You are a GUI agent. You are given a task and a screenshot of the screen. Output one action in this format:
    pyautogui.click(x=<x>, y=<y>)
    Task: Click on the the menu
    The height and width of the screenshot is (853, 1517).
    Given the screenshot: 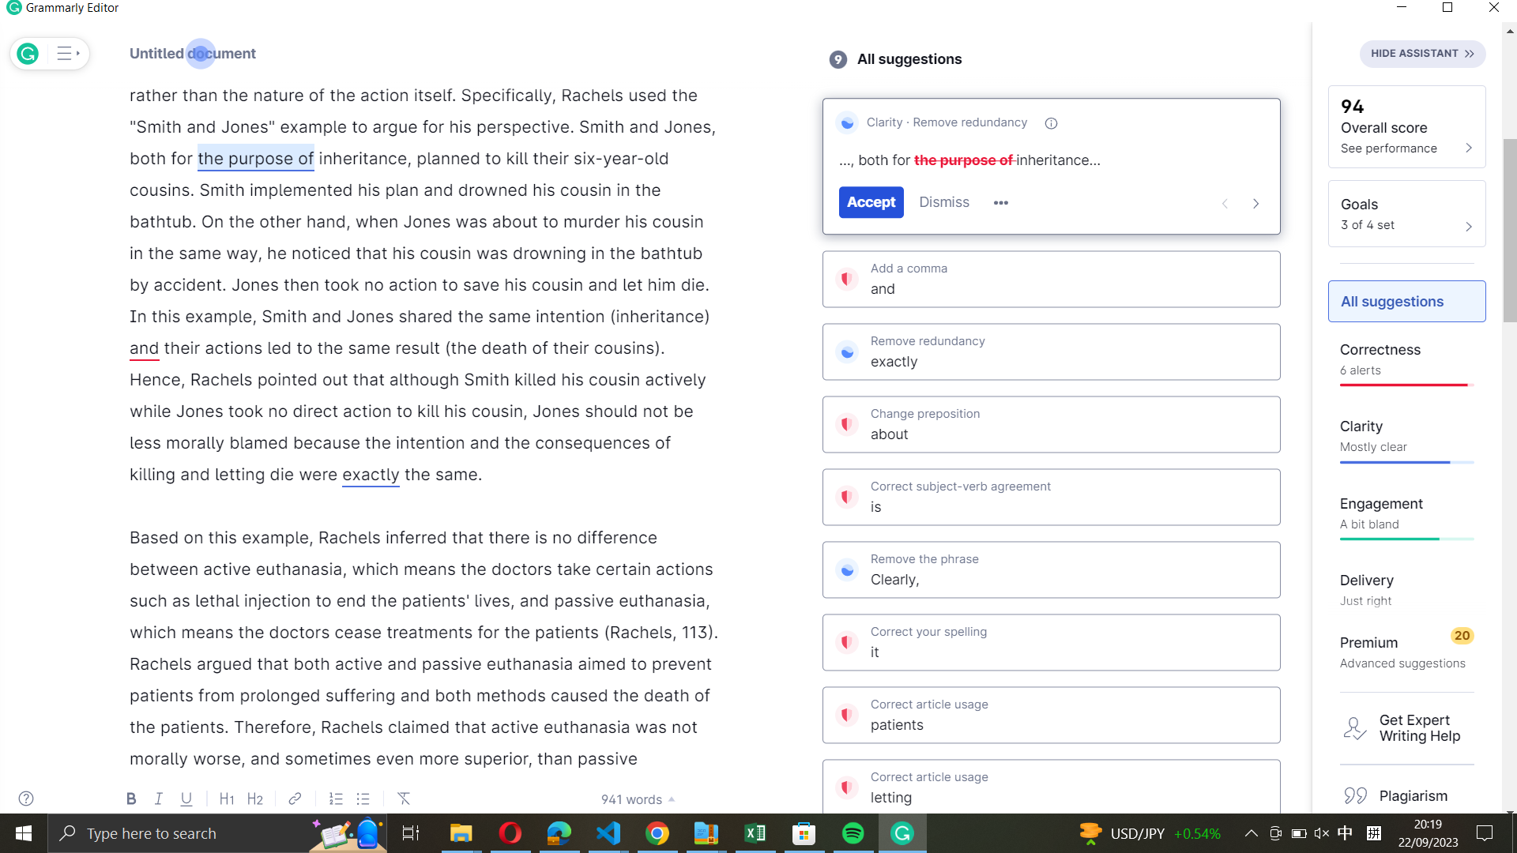 What is the action you would take?
    pyautogui.click(x=65, y=53)
    